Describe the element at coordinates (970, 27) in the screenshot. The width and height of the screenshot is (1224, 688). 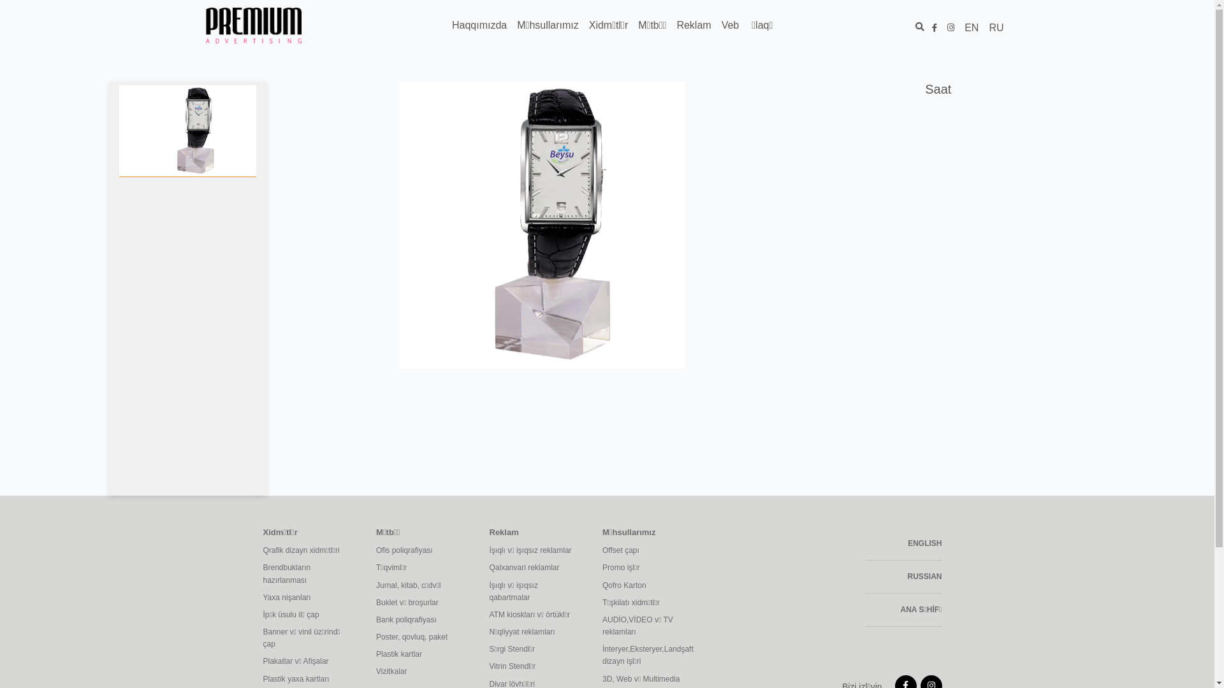
I see `'EN'` at that location.